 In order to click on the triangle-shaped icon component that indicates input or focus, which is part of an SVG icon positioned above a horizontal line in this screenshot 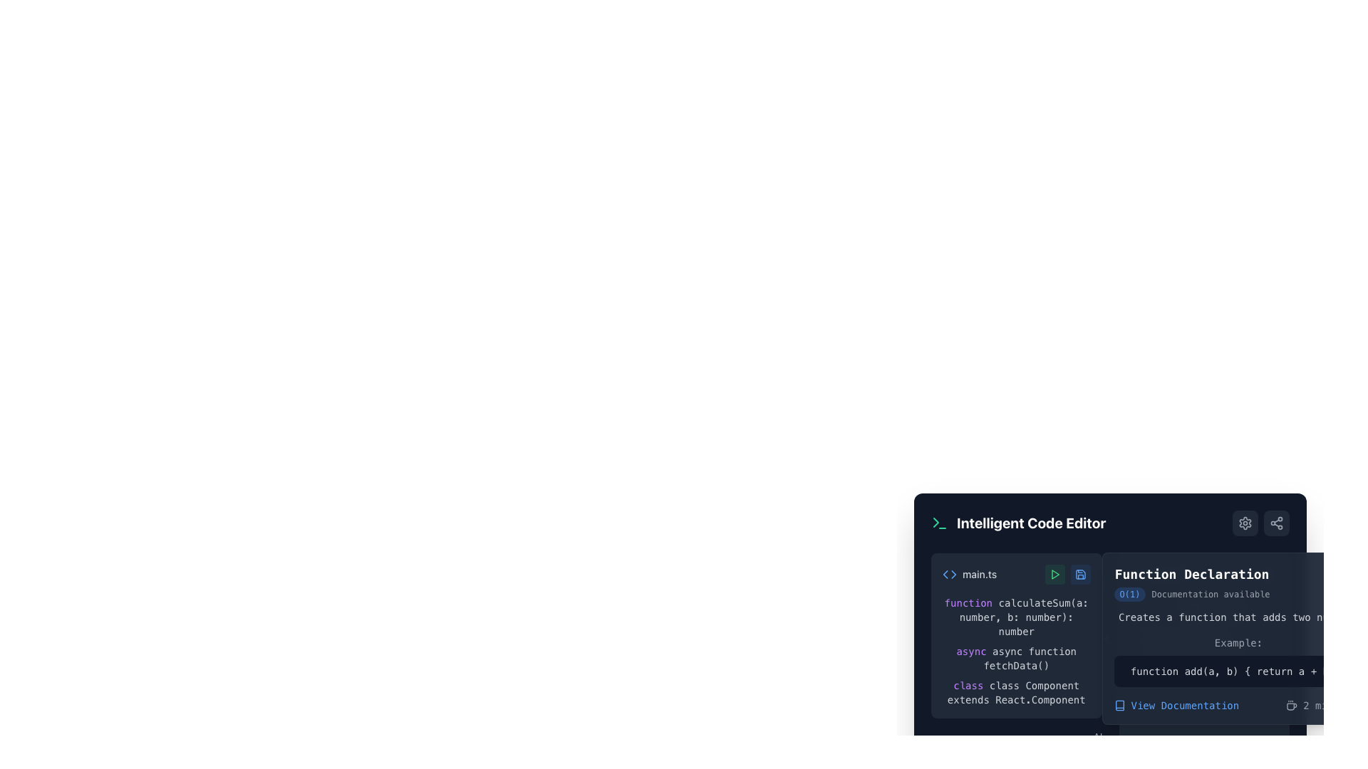, I will do `click(936, 522)`.